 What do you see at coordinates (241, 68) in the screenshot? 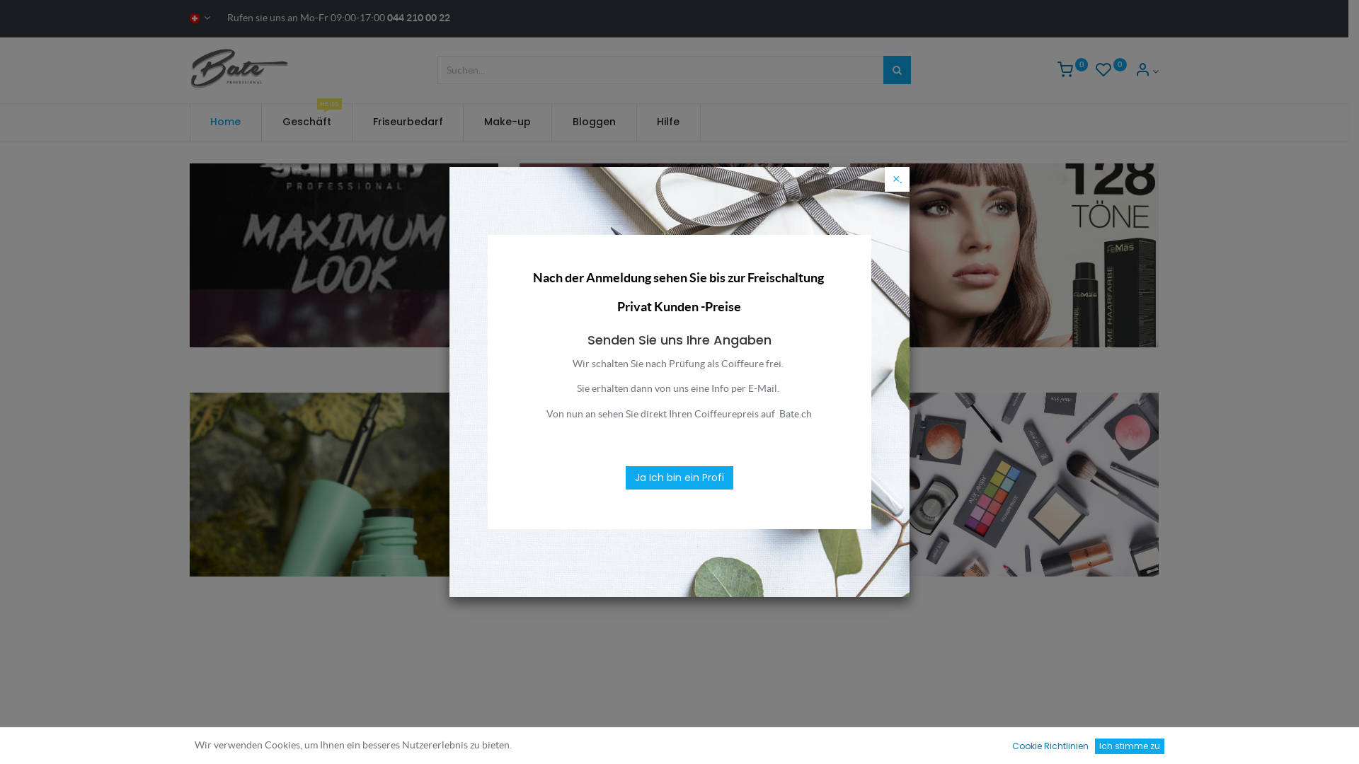
I see `'Bate Professional'` at bounding box center [241, 68].